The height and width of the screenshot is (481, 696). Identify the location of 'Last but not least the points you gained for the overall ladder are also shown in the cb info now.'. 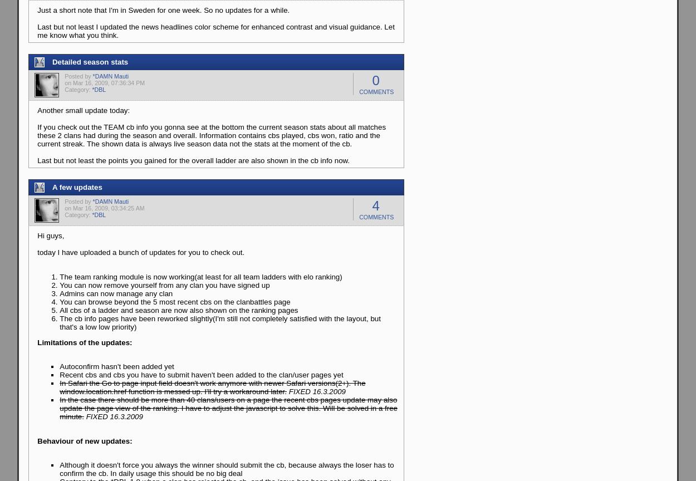
(193, 160).